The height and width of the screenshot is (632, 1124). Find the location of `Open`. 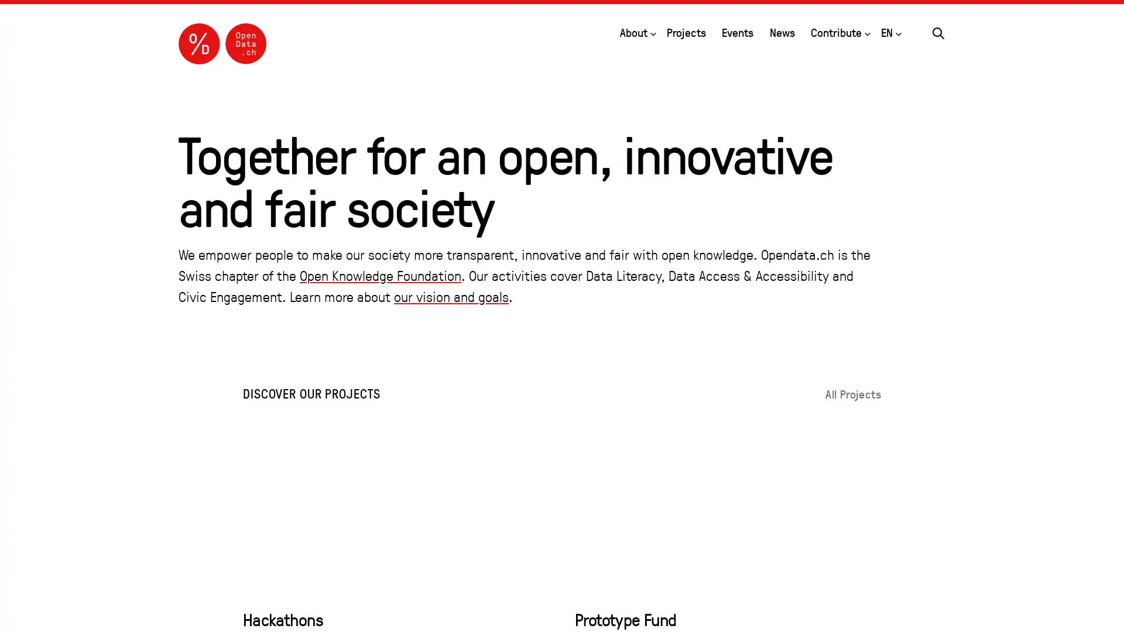

Open is located at coordinates (868, 31).